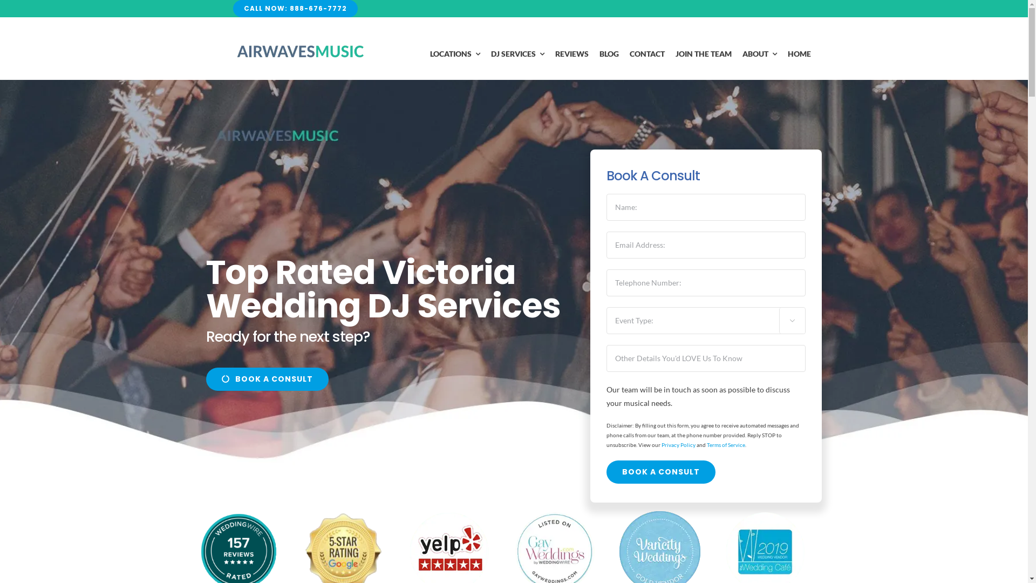  What do you see at coordinates (571, 54) in the screenshot?
I see `'REVIEWS'` at bounding box center [571, 54].